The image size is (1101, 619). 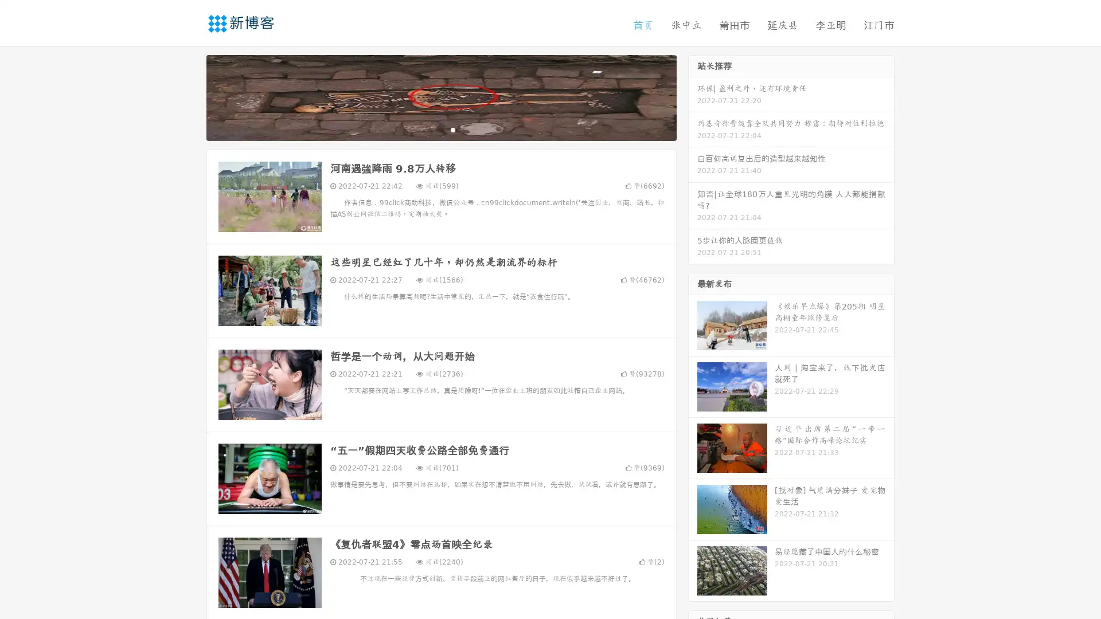 What do you see at coordinates (693, 96) in the screenshot?
I see `Next slide` at bounding box center [693, 96].